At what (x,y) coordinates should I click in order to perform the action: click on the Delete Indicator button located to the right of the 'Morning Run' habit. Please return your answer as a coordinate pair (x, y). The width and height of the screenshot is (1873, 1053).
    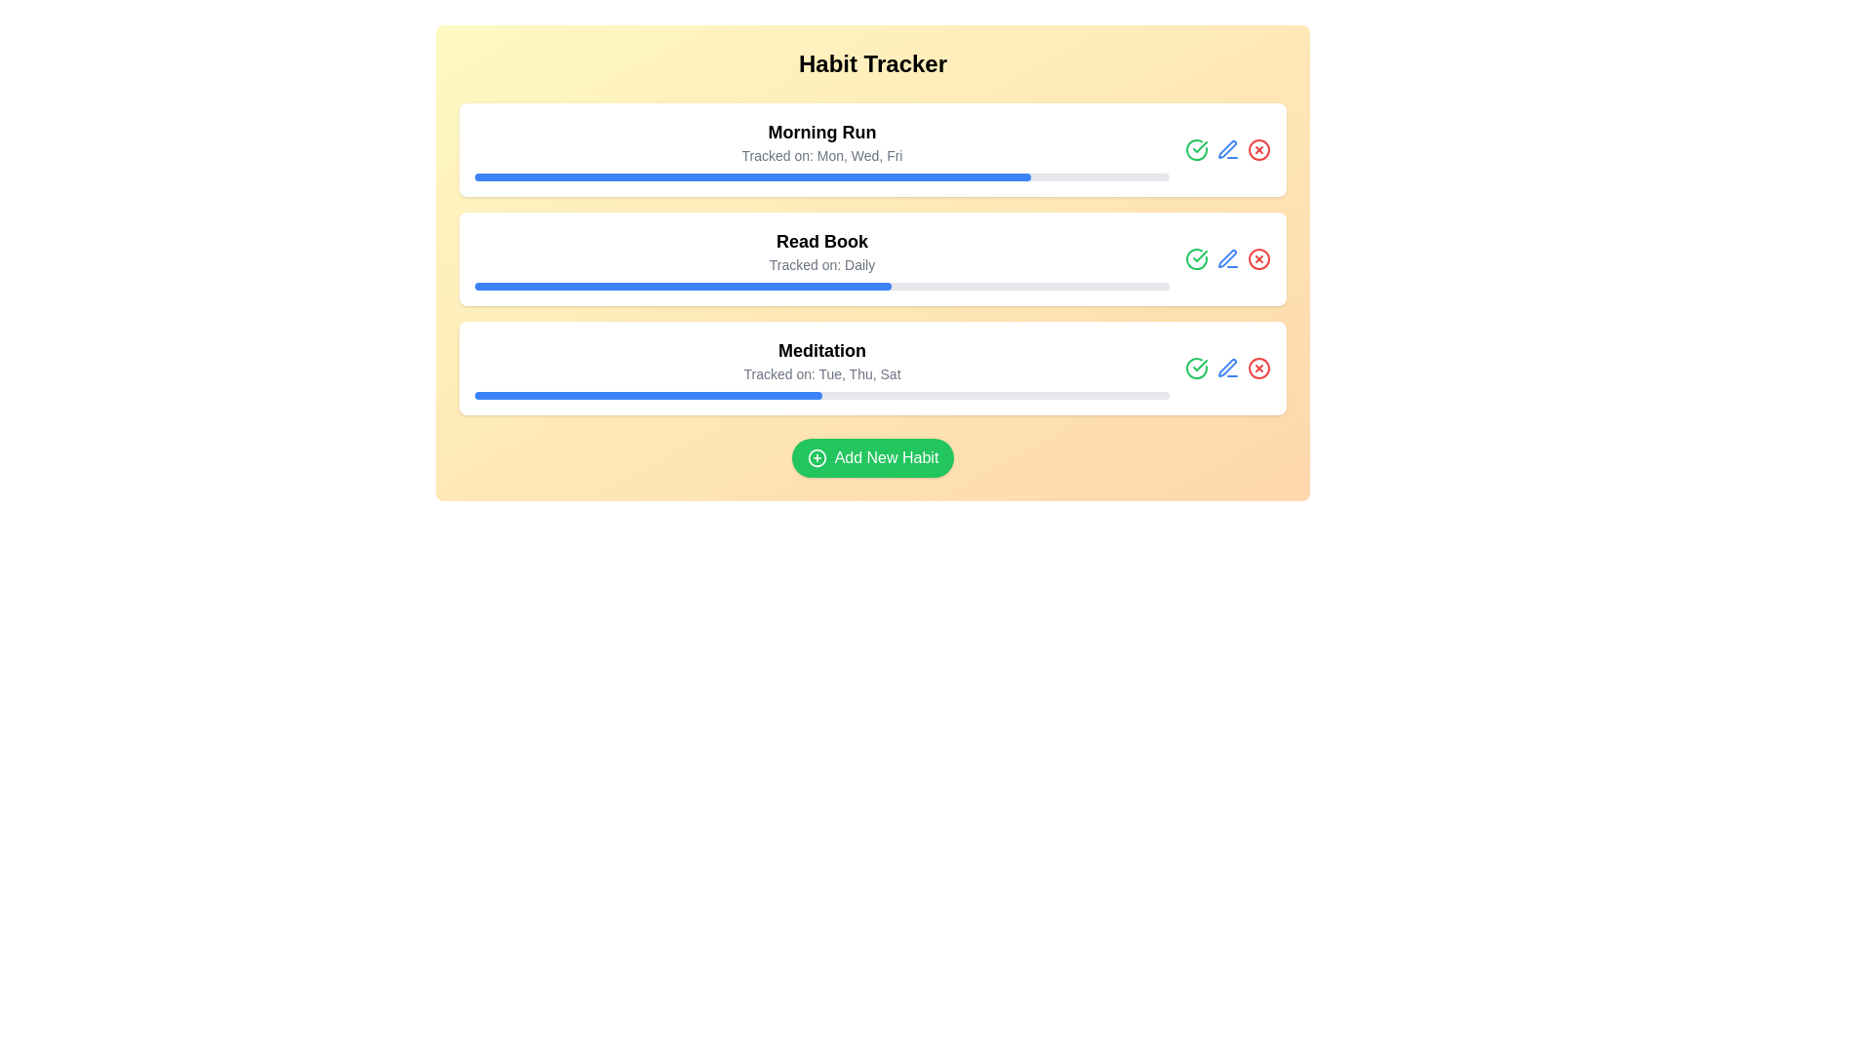
    Looking at the image, I should click on (1259, 149).